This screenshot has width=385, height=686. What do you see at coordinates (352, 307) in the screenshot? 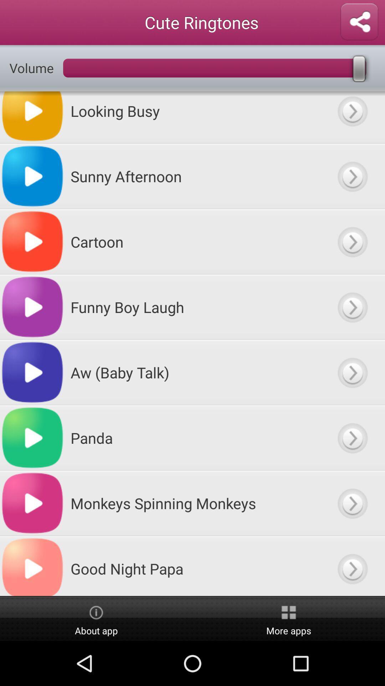
I see `left` at bounding box center [352, 307].